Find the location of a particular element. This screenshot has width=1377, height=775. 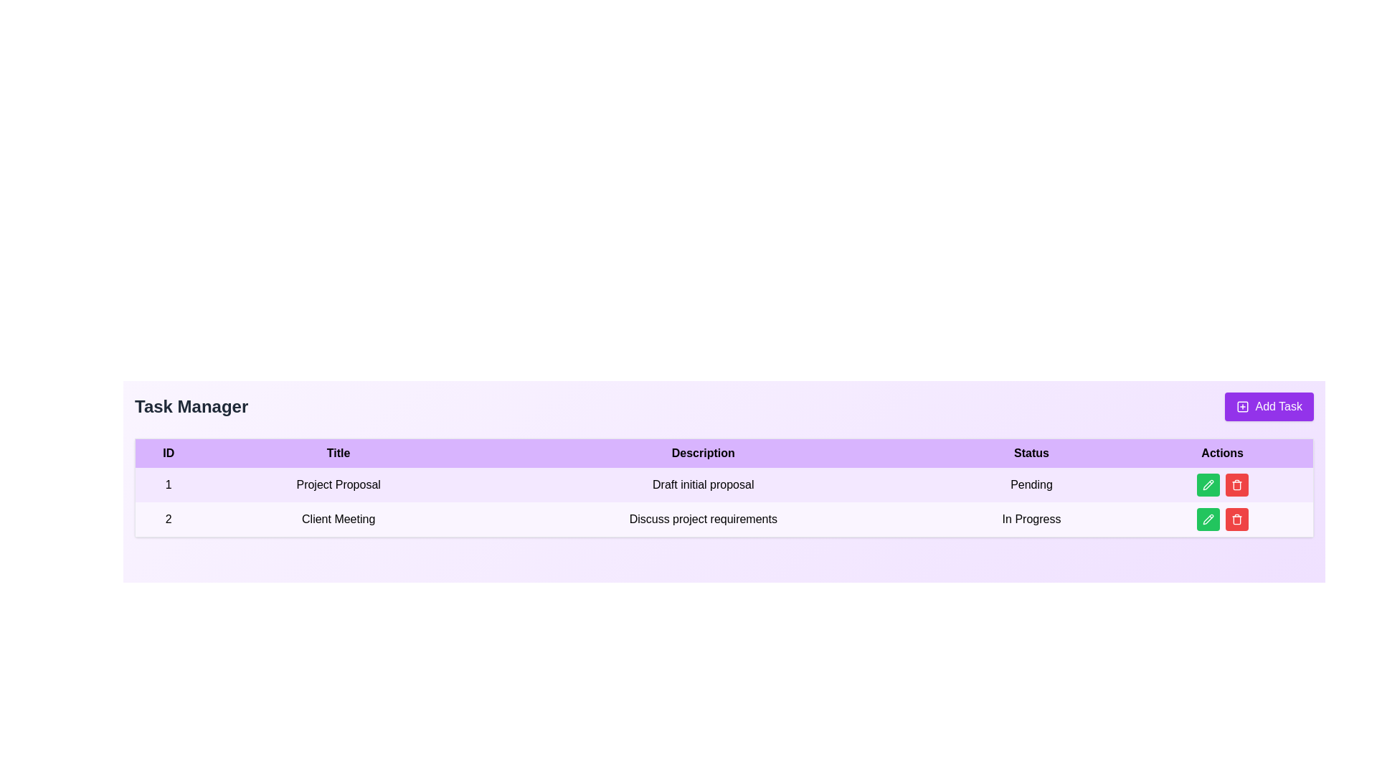

the pencil icon in the 'Actions' column of the second row to initiate editing of the 'Client Meeting' task is located at coordinates (1207, 484).